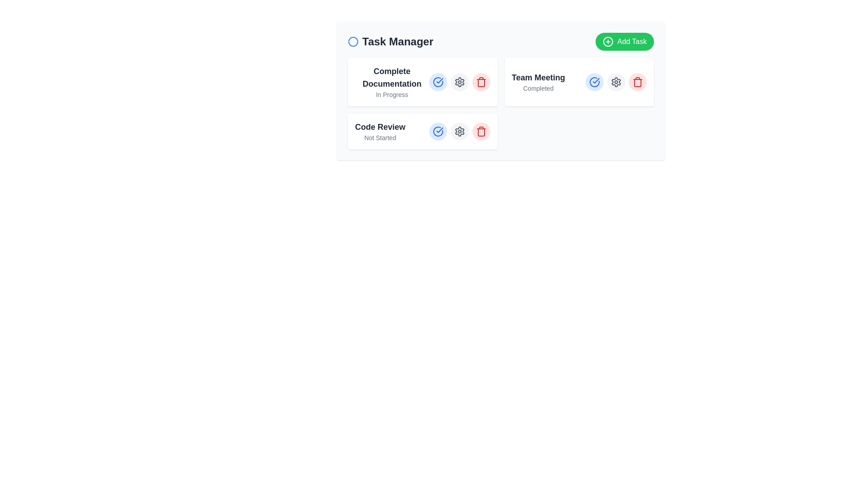 The image size is (863, 485). I want to click on the delete button for the task 'Complete Documentation', so click(480, 82).